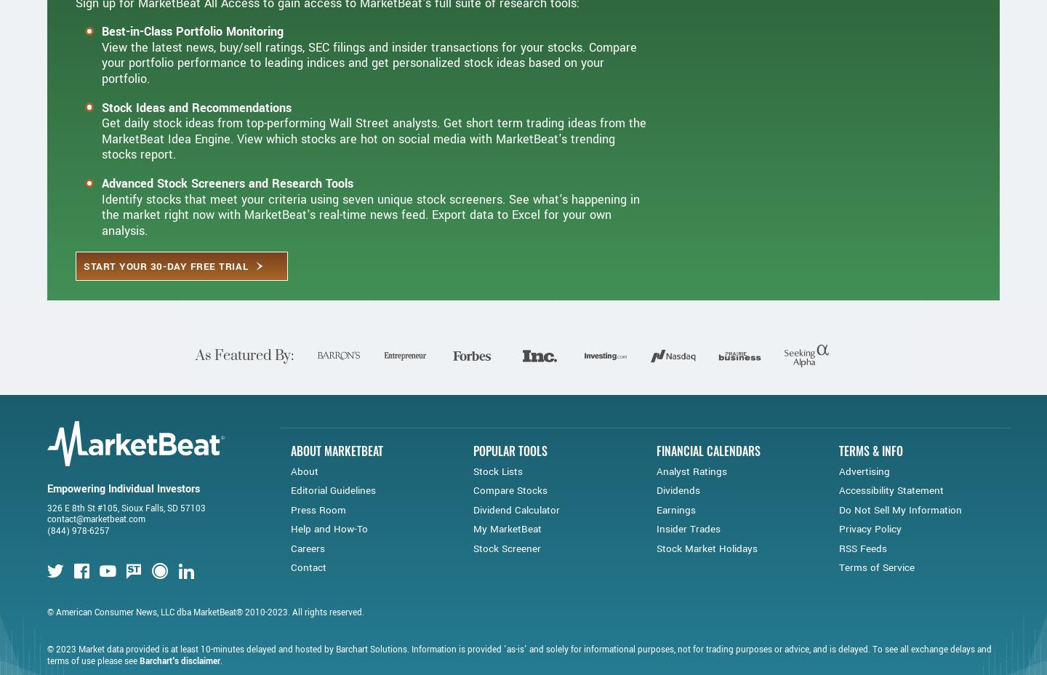  Describe the element at coordinates (691, 517) in the screenshot. I see `'Analyst Ratings'` at that location.